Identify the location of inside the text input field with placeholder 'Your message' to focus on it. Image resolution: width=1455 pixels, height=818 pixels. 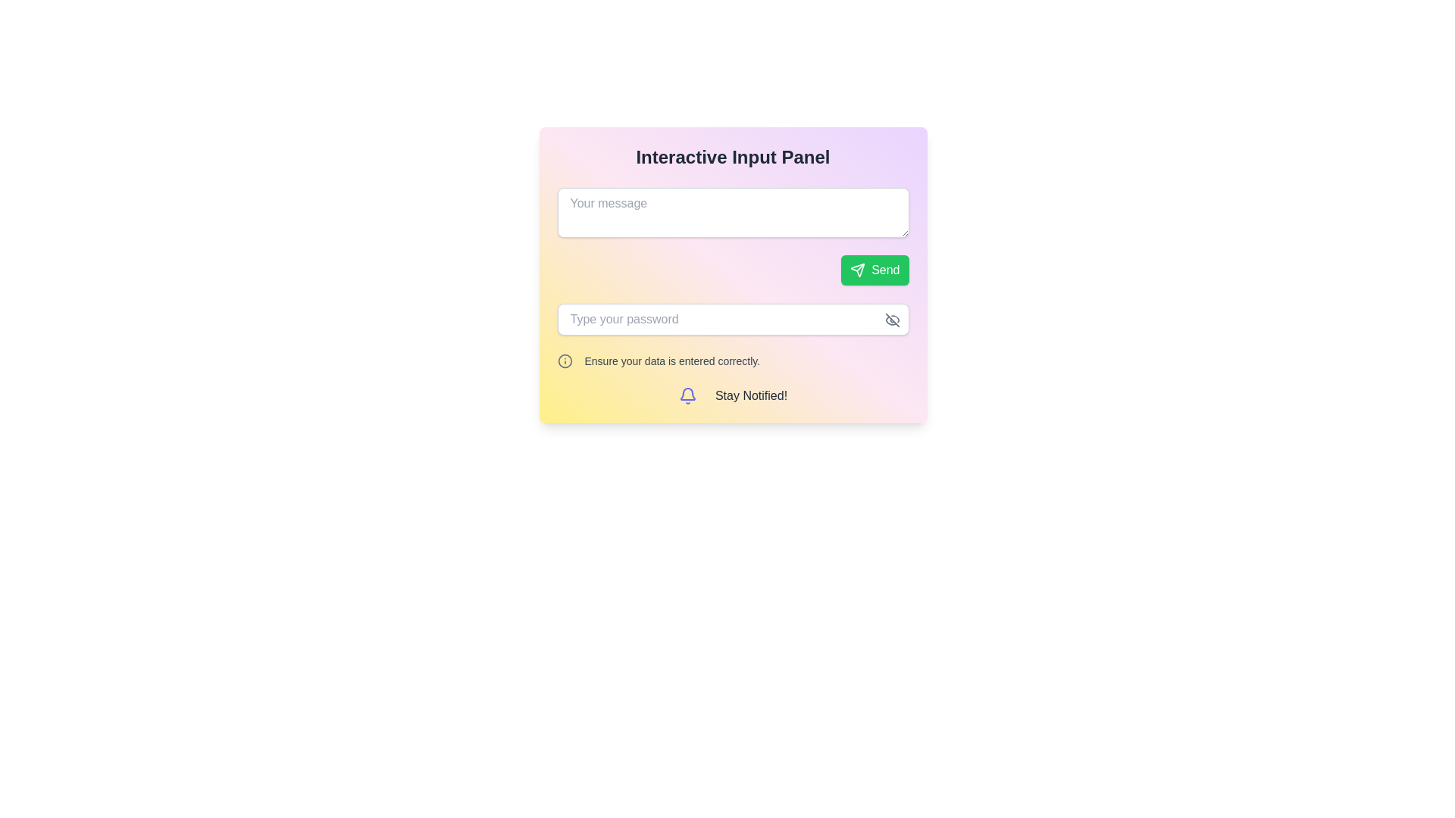
(733, 236).